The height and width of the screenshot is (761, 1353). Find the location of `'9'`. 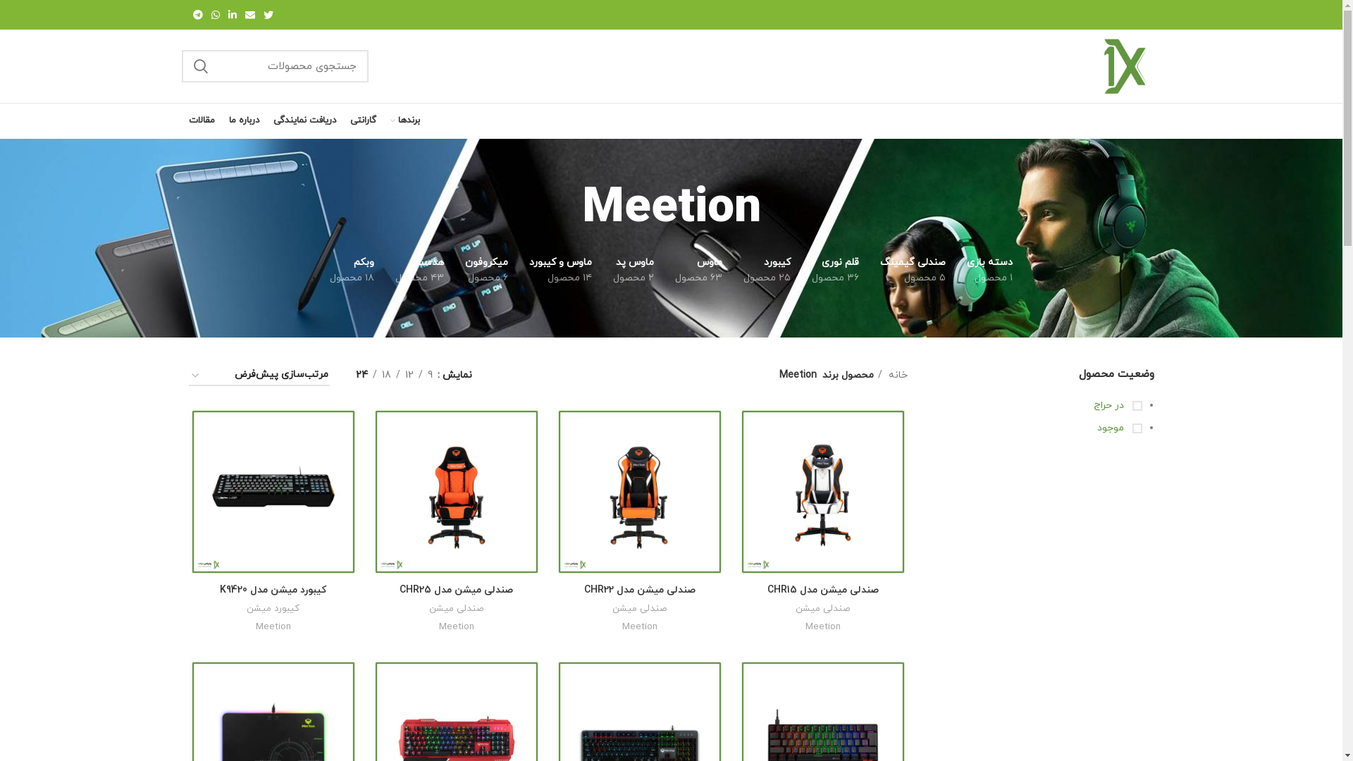

'9' is located at coordinates (429, 374).